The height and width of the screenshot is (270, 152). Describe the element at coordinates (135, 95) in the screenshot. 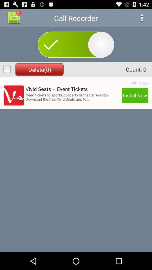

I see `app below the adchoices app` at that location.